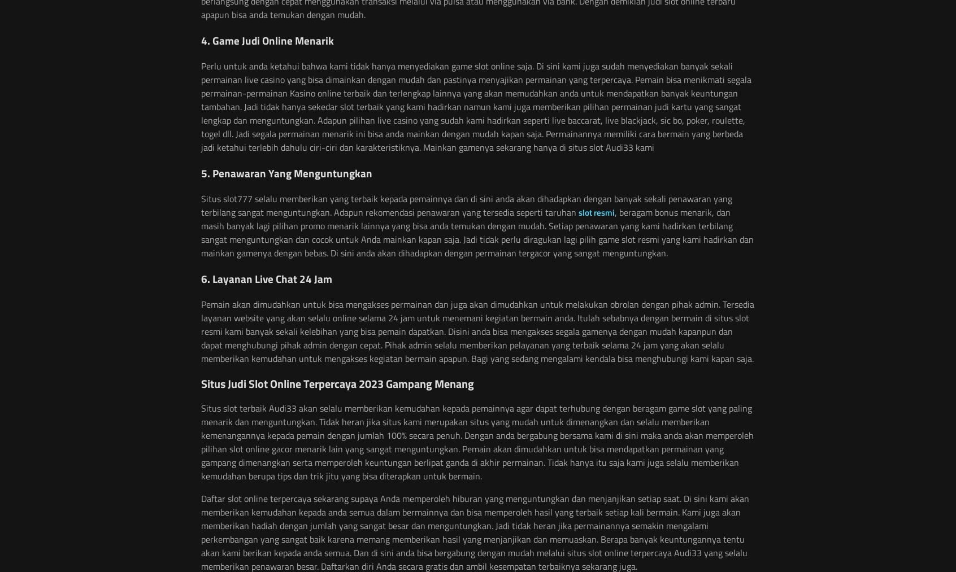  What do you see at coordinates (201, 173) in the screenshot?
I see `'5. Penawaran Yang Menguntungkan'` at bounding box center [201, 173].